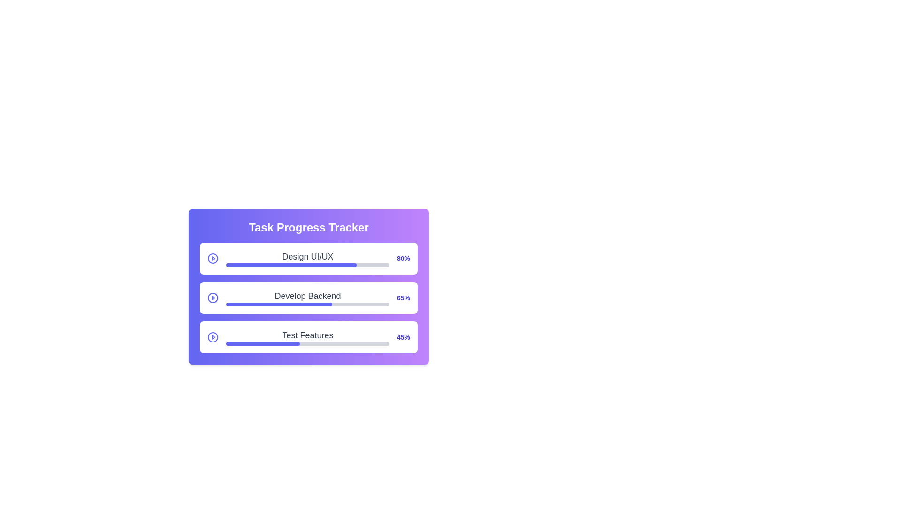 The width and height of the screenshot is (901, 506). Describe the element at coordinates (308, 337) in the screenshot. I see `the text label that serves as the title for the task in the third card of the task progress list, located above the progress bar and horizontally centered` at that location.